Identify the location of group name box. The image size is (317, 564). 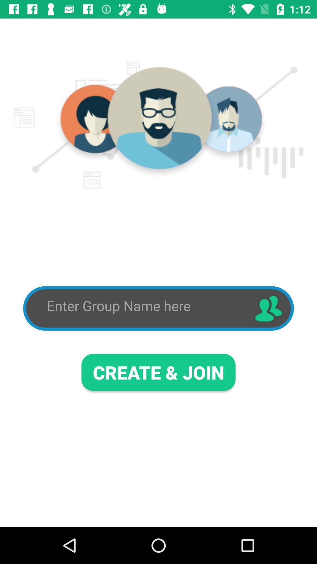
(145, 306).